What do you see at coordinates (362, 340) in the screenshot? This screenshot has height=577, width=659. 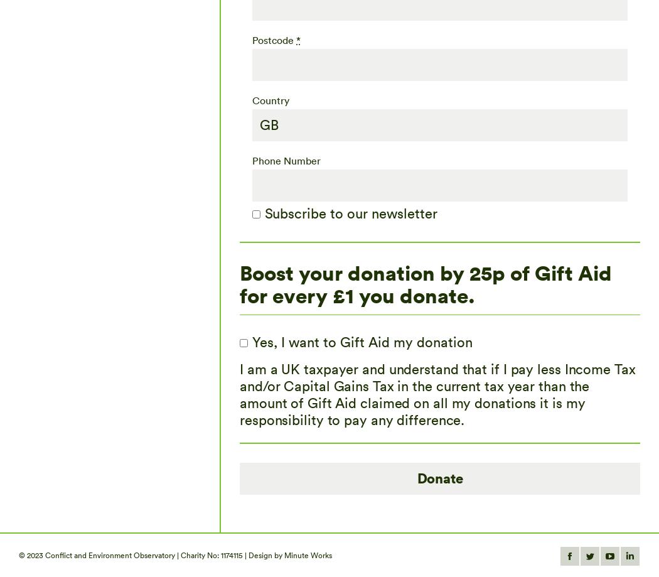 I see `'Yes, I want to Gift Aid my donation'` at bounding box center [362, 340].